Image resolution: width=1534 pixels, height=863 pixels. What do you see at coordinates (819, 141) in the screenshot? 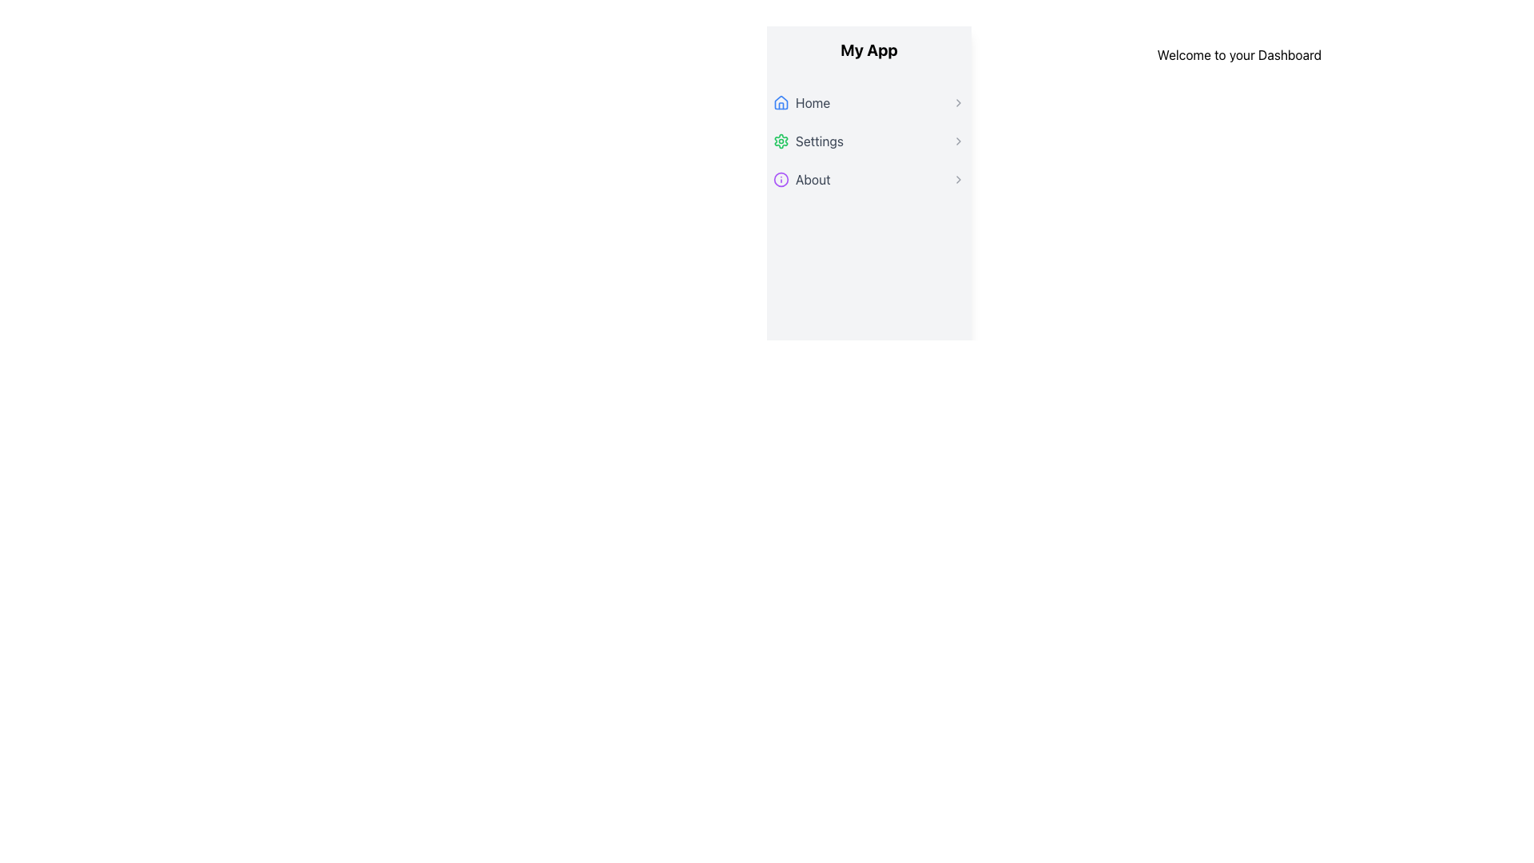
I see `the 'Settings' menu option, which is the second entry in the vertical menu list under 'My App'` at bounding box center [819, 141].